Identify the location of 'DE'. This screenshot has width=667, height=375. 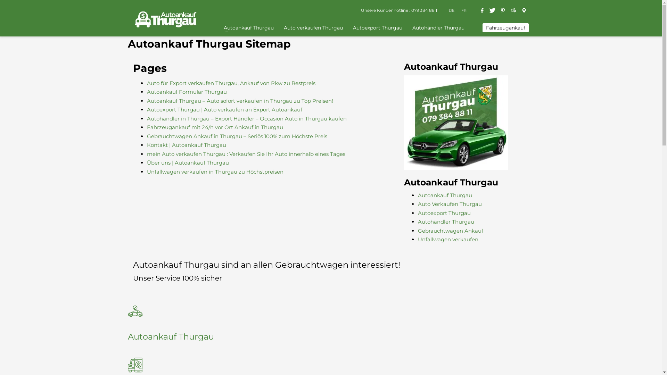
(448, 10).